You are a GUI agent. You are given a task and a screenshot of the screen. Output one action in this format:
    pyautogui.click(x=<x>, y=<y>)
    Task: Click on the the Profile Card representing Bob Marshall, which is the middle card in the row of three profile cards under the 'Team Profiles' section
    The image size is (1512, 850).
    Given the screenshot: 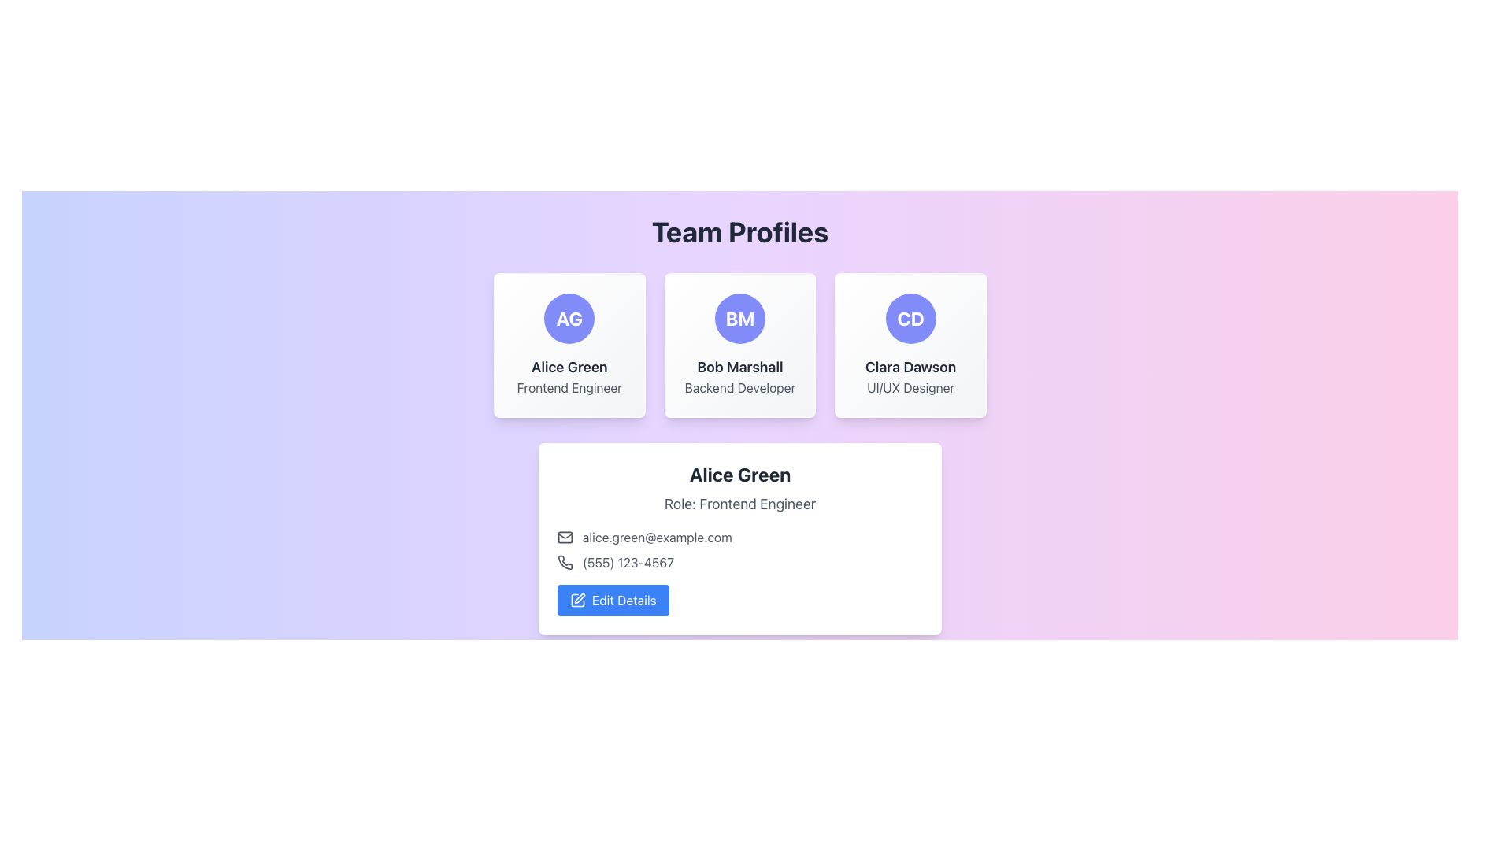 What is the action you would take?
    pyautogui.click(x=739, y=345)
    